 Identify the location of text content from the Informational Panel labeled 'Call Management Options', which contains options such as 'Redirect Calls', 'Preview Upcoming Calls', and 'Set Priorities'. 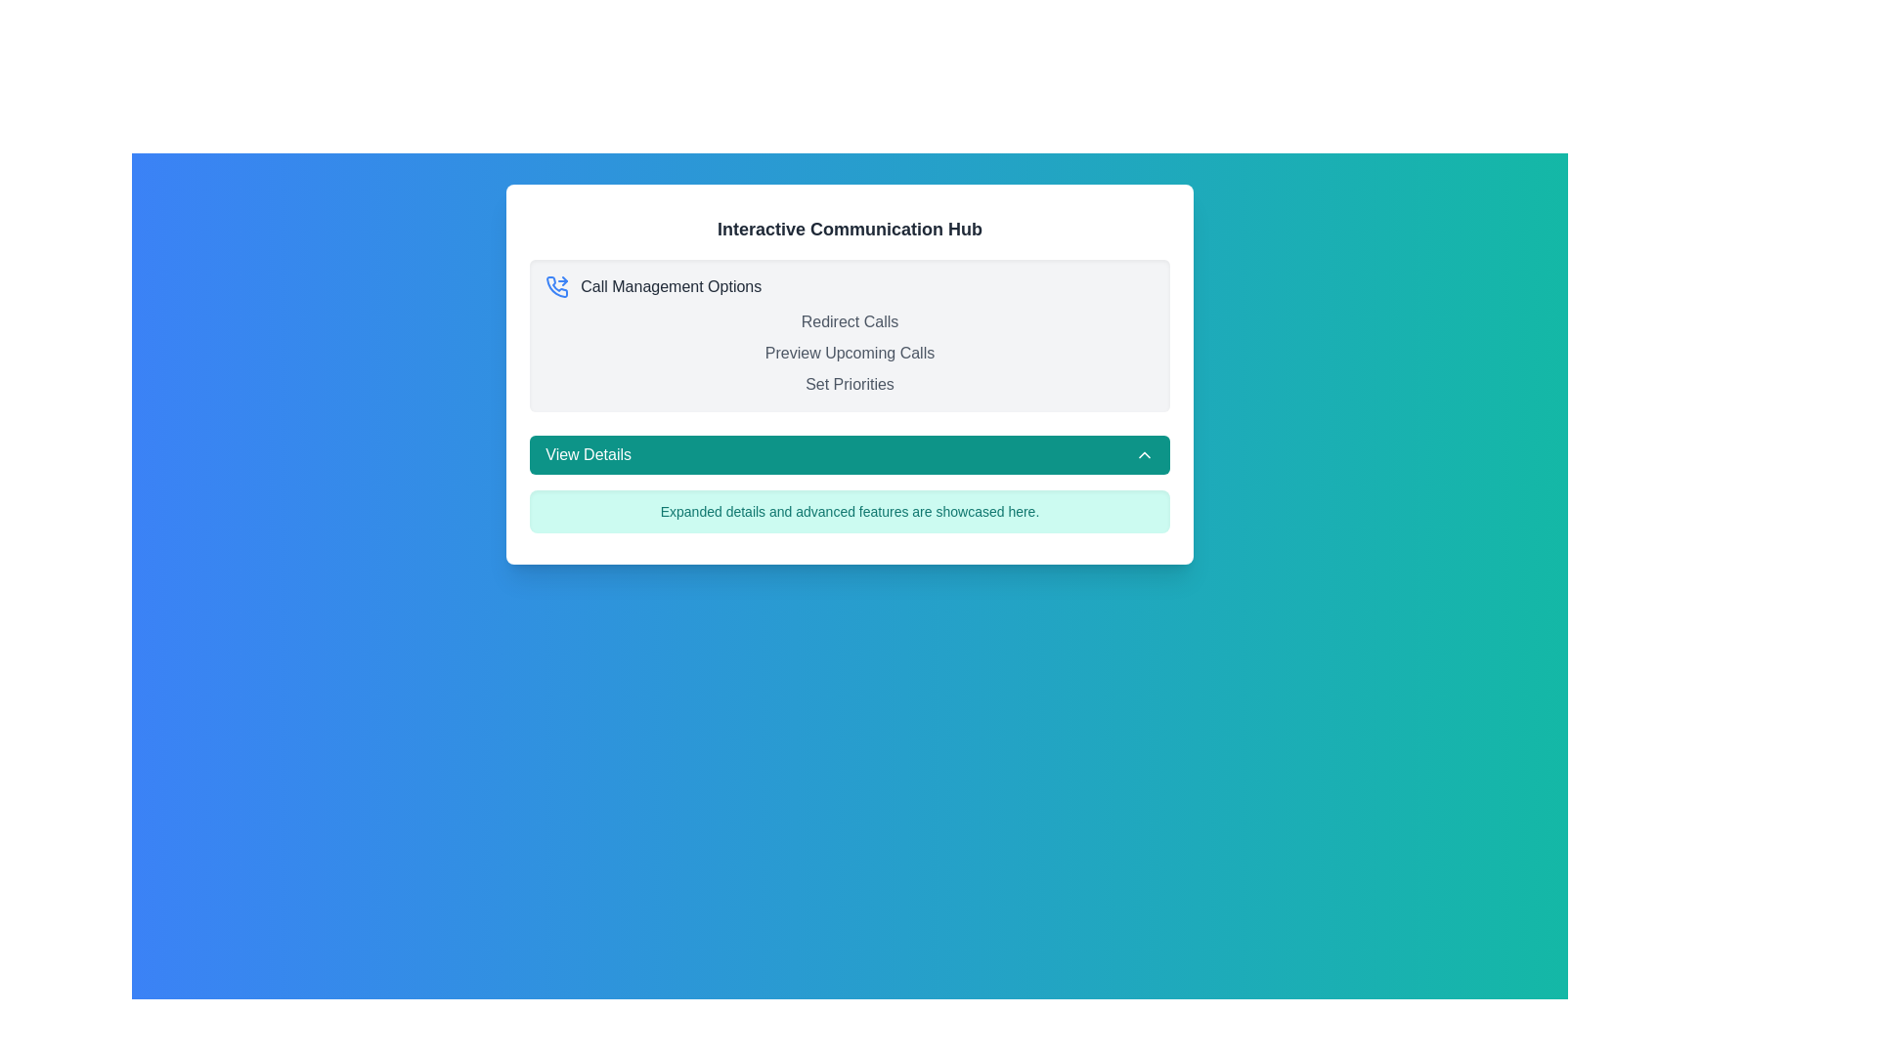
(850, 335).